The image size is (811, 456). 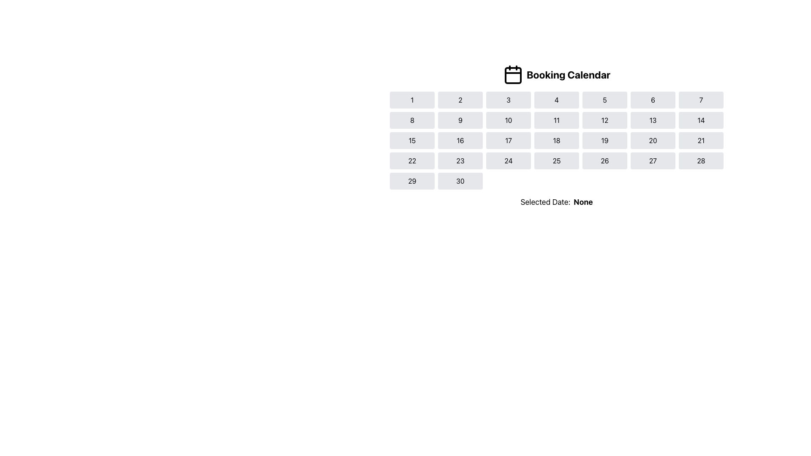 I want to click on the button labeled '13', which is a rounded rectangular button with a light gray background and black text, located in the second row and sixth column of the grid, so click(x=652, y=120).